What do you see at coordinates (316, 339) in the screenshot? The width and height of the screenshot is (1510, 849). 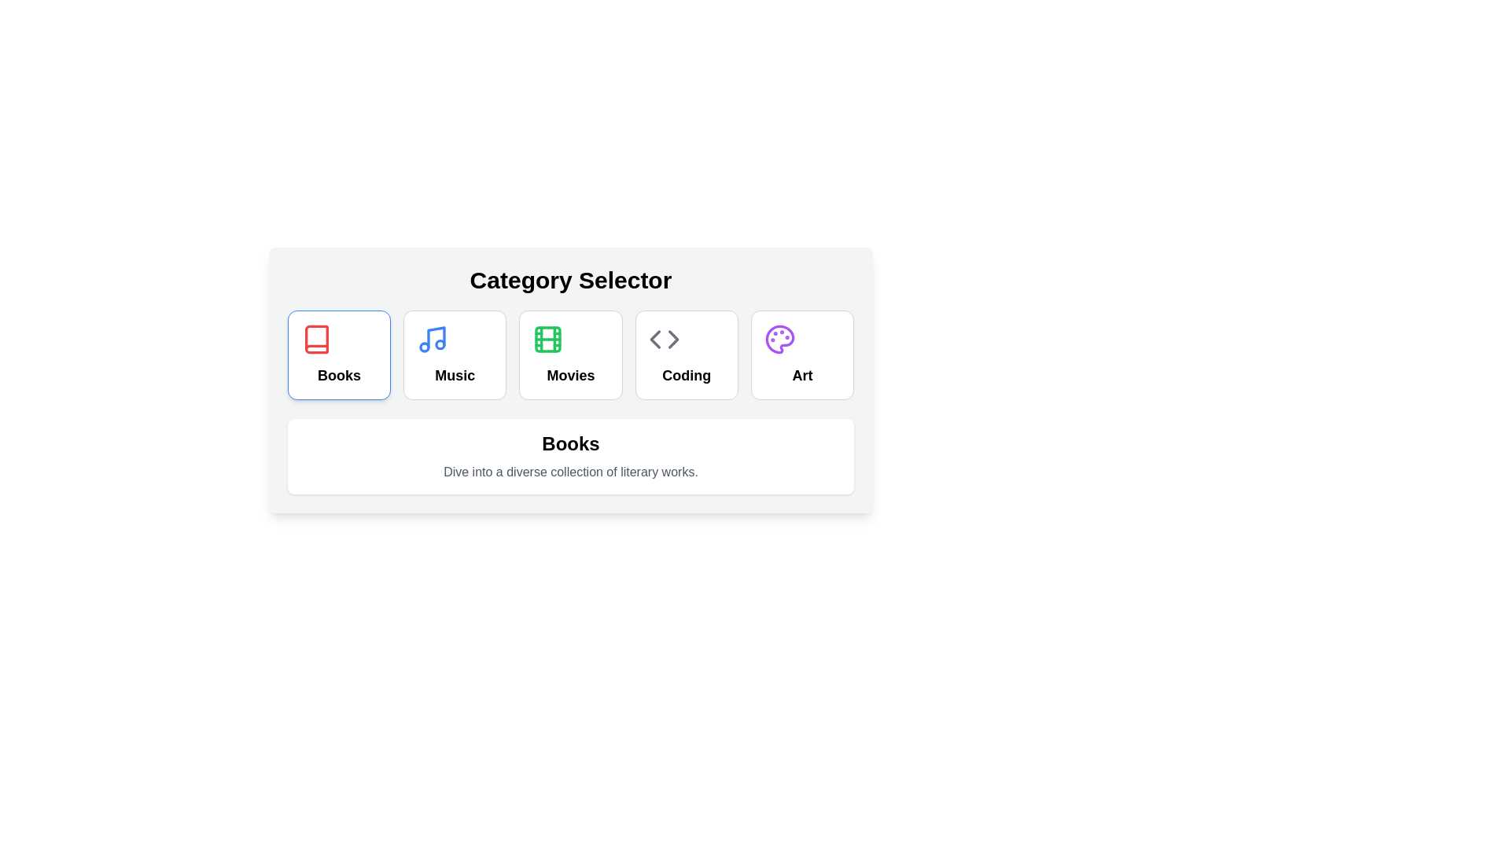 I see `the 'Books' category icon located at the far left of the category selector` at bounding box center [316, 339].